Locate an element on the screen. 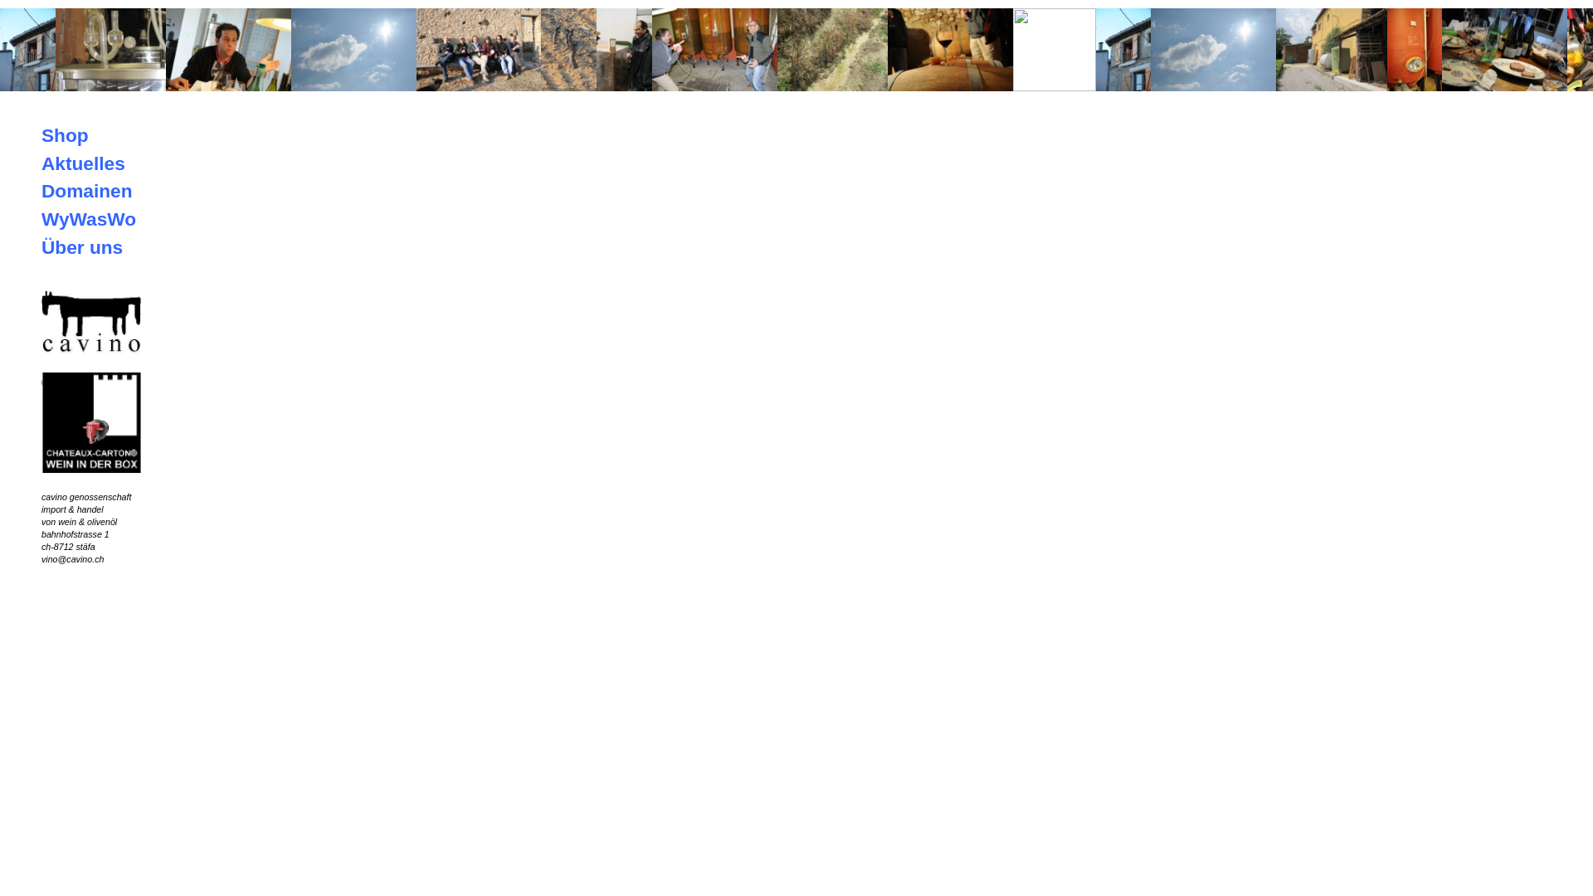  'WyWasWo' is located at coordinates (87, 217).